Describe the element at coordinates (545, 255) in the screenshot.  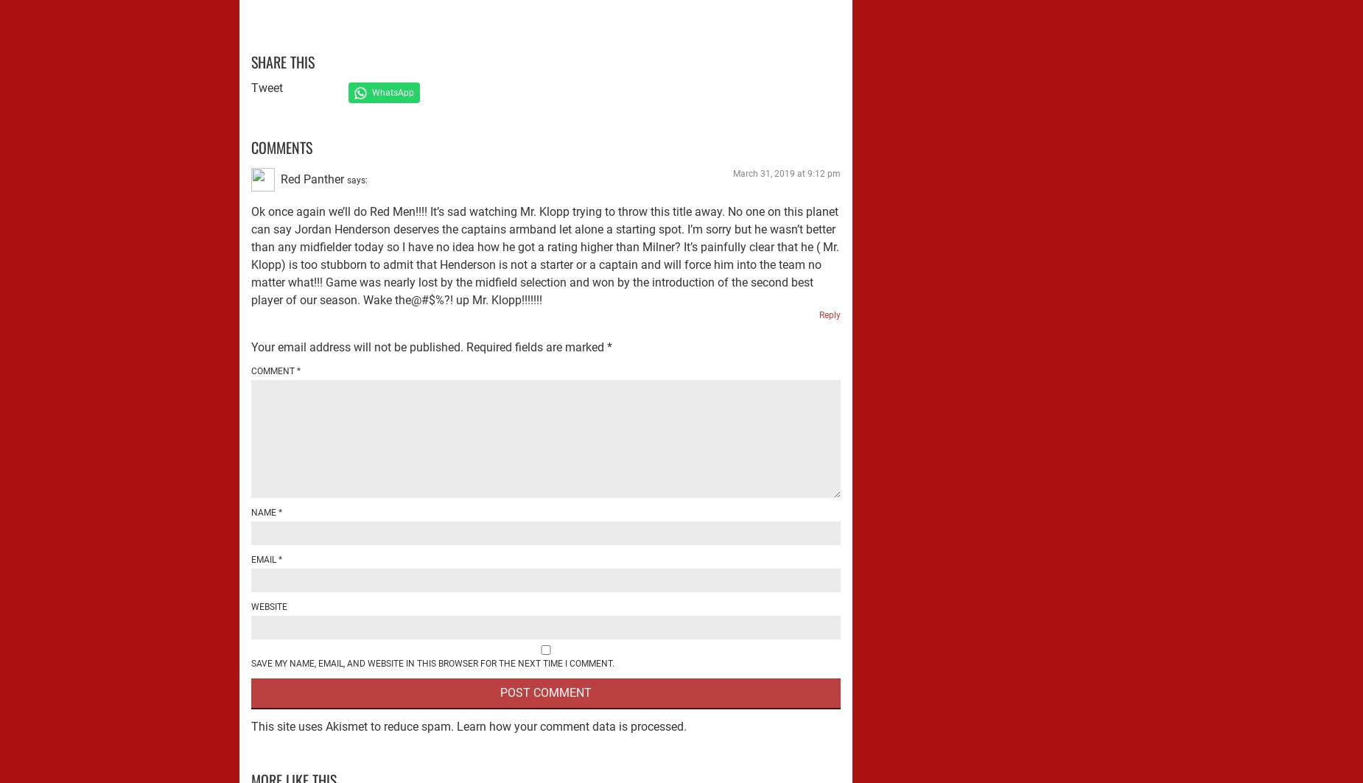
I see `'Ok once again we’ll do Red Men!!!! It’s sad watching Mr. Klopp trying to throw this title away. No one on this planet can say Jordan Henderson deserves the captains armband let alone a starting spot.  I’m sorry but he wasn’t better than any midfielder today so I have no idea how he got a rating higher than Milner? It’s painfully clear that he ( Mr. Klopp) is too stubborn to admit that Henderson is not a starter or a captain and will force him into the team no matter what!!! Game was nearly lost by the midfield selection and won by the introduction of the second best player of our season. Wake the@#$%?! up Mr. Klopp!!!!!!!'` at that location.